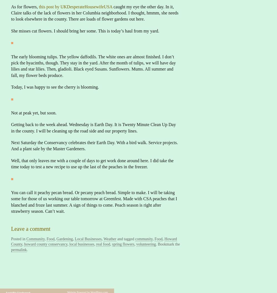 This screenshot has height=293, width=277. Describe the element at coordinates (27, 249) in the screenshot. I see `'.'` at that location.